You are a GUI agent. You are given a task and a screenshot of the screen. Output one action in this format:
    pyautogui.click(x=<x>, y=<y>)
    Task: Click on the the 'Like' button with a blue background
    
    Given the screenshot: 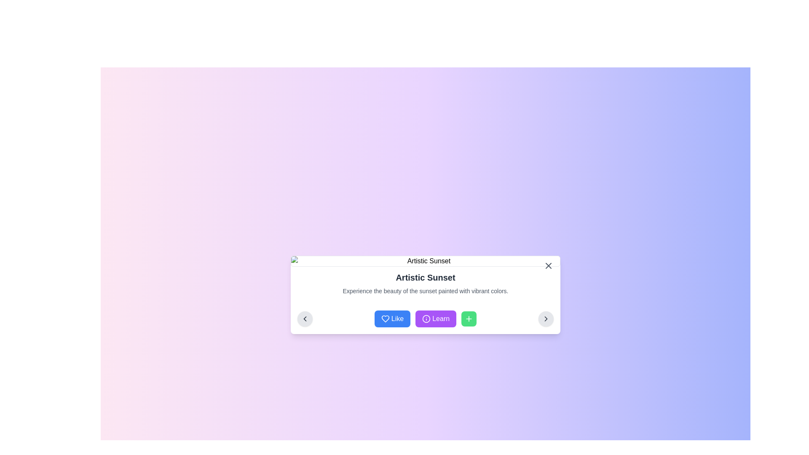 What is the action you would take?
    pyautogui.click(x=392, y=318)
    